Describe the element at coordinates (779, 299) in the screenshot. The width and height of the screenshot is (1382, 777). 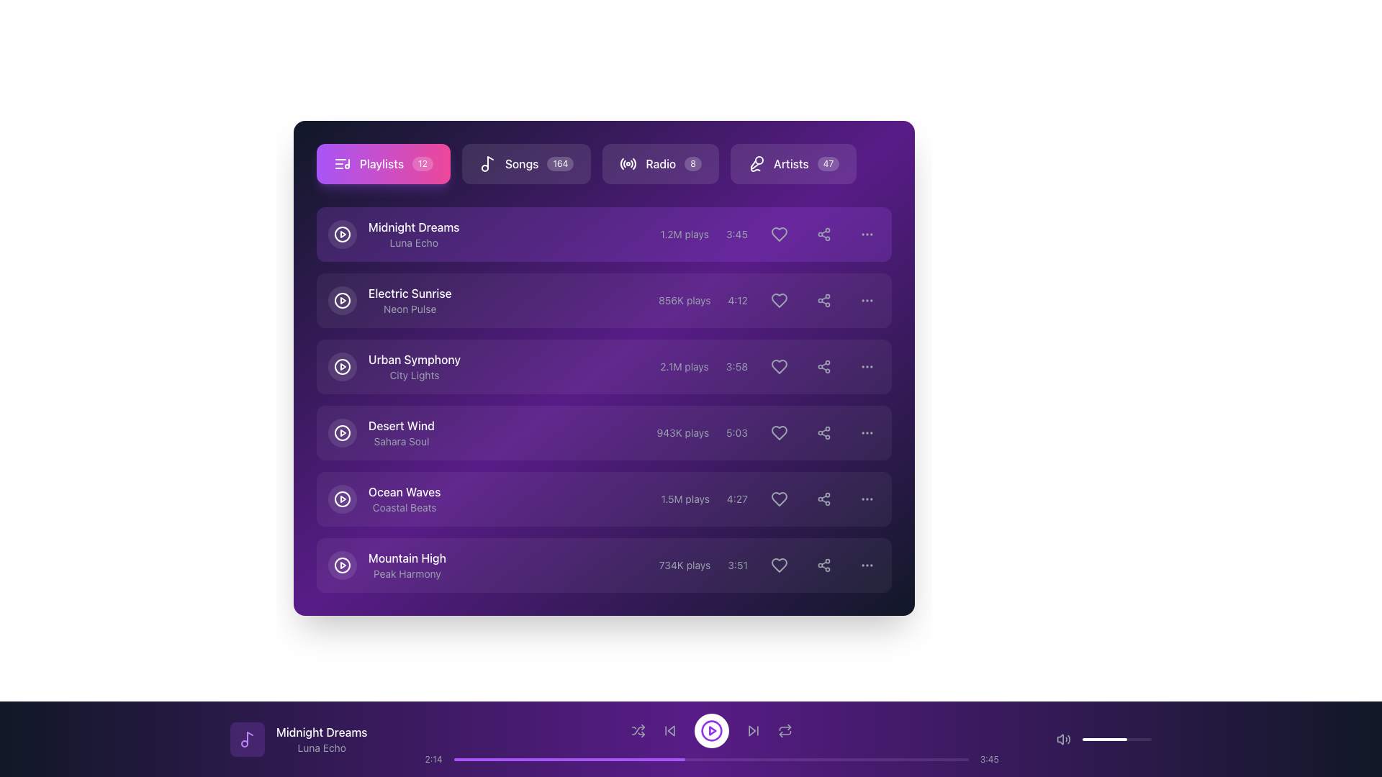
I see `the heart-shaped icon located next to the duration of the song 'Electric Sunrise' in the playlist panel` at that location.